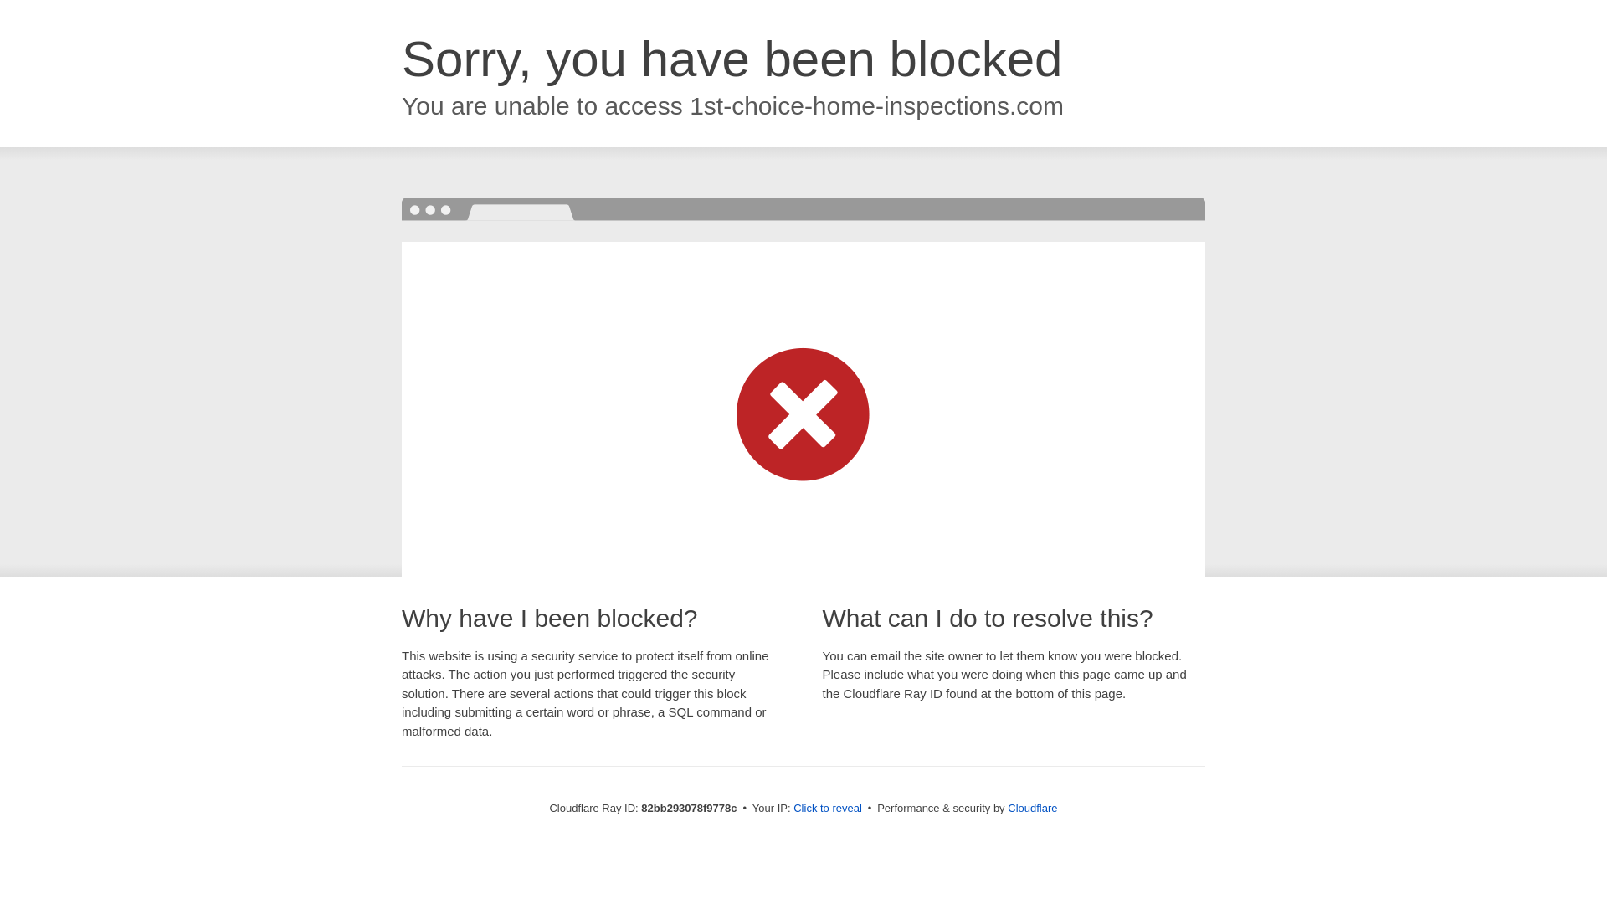 The width and height of the screenshot is (1607, 904). I want to click on 'Cloudflare', so click(1031, 807).